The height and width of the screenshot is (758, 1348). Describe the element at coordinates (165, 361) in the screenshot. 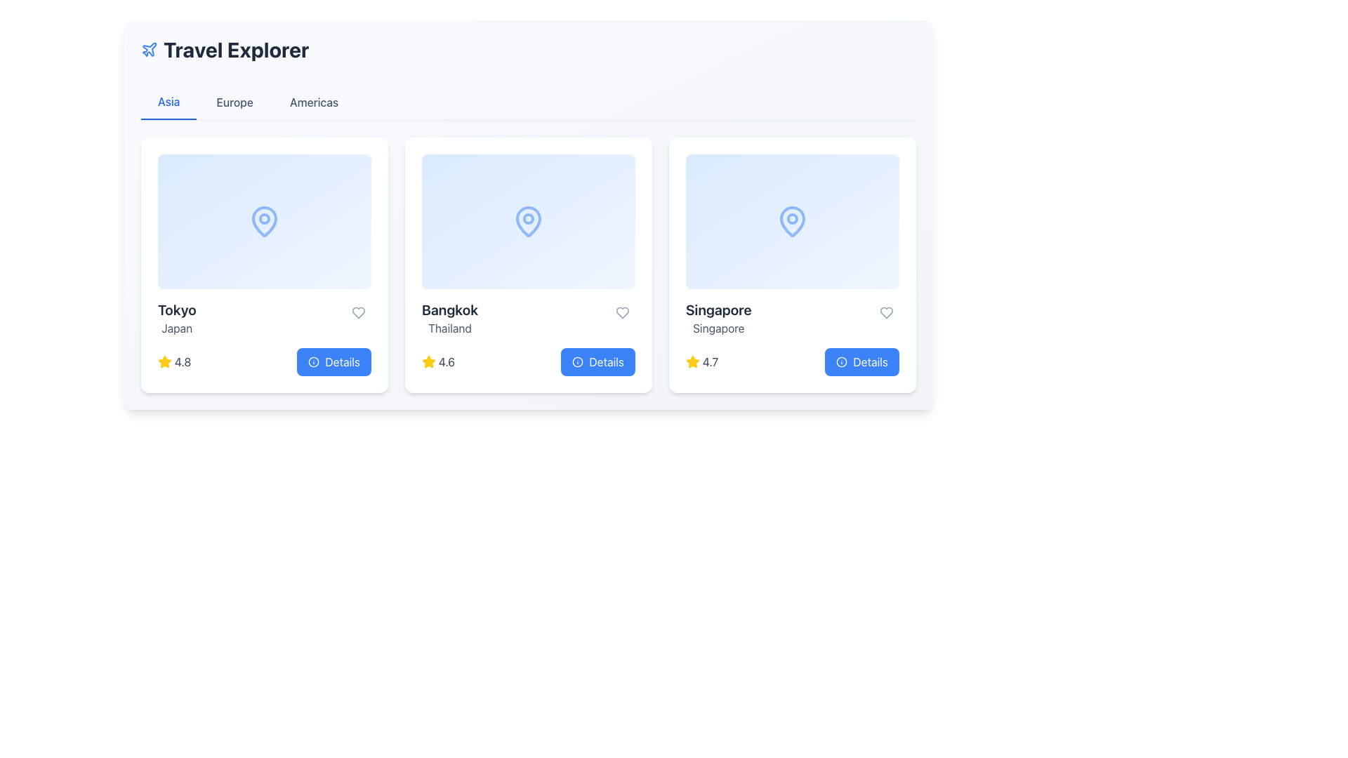

I see `the star icon that indicates a rating for 'Tokyo, Japan' located in the bottom-left corner of the card under the 'Asia' section` at that location.